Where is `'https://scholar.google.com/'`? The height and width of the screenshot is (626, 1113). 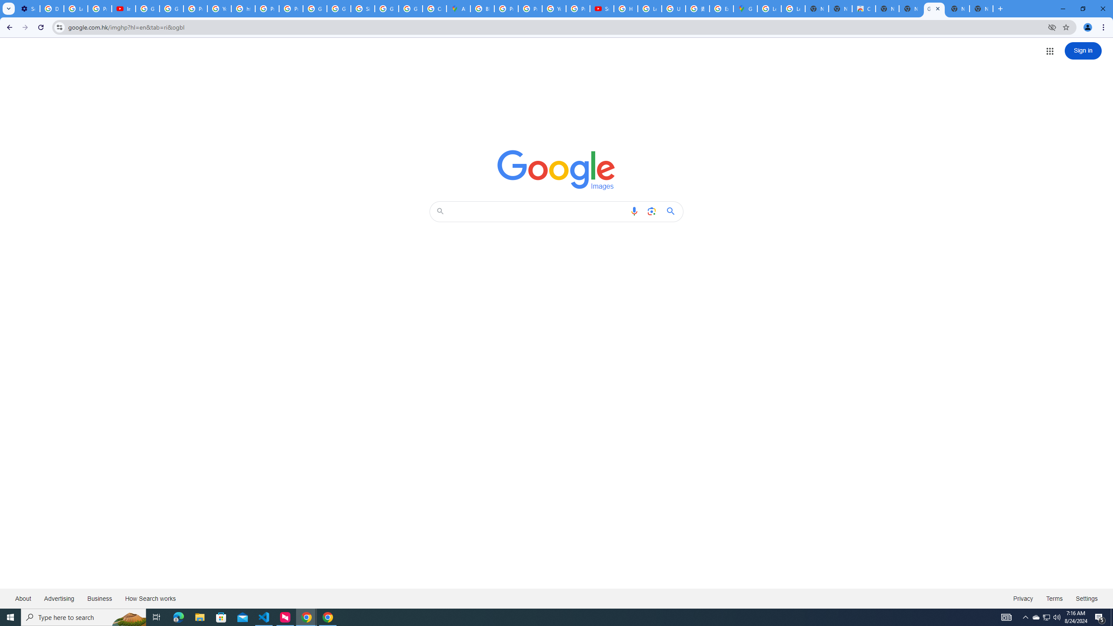
'https://scholar.google.com/' is located at coordinates (243, 8).